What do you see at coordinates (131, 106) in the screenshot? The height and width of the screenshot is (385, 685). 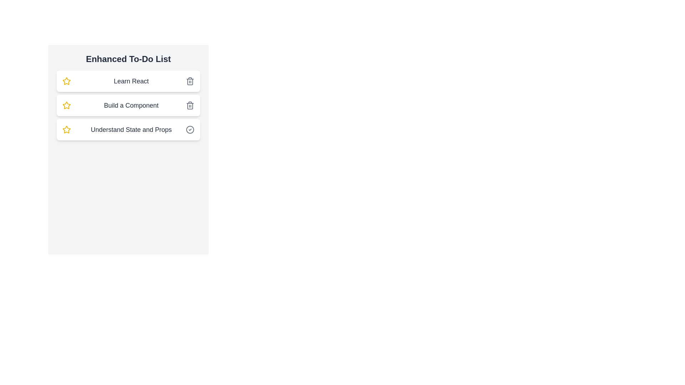 I see `the text label displaying 'Build a Component' which is the second item in the to-do list, located between a yellow star icon and a trash bin icon` at bounding box center [131, 106].